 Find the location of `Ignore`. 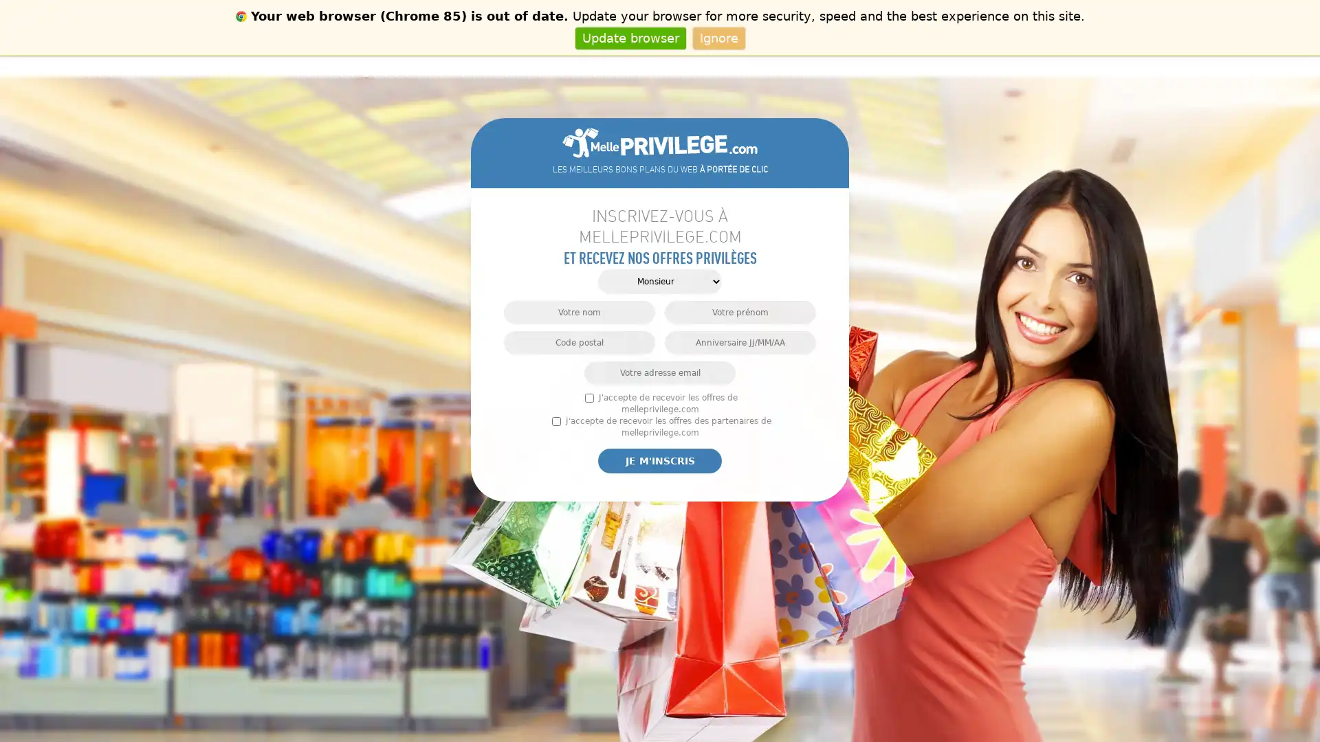

Ignore is located at coordinates (718, 37).